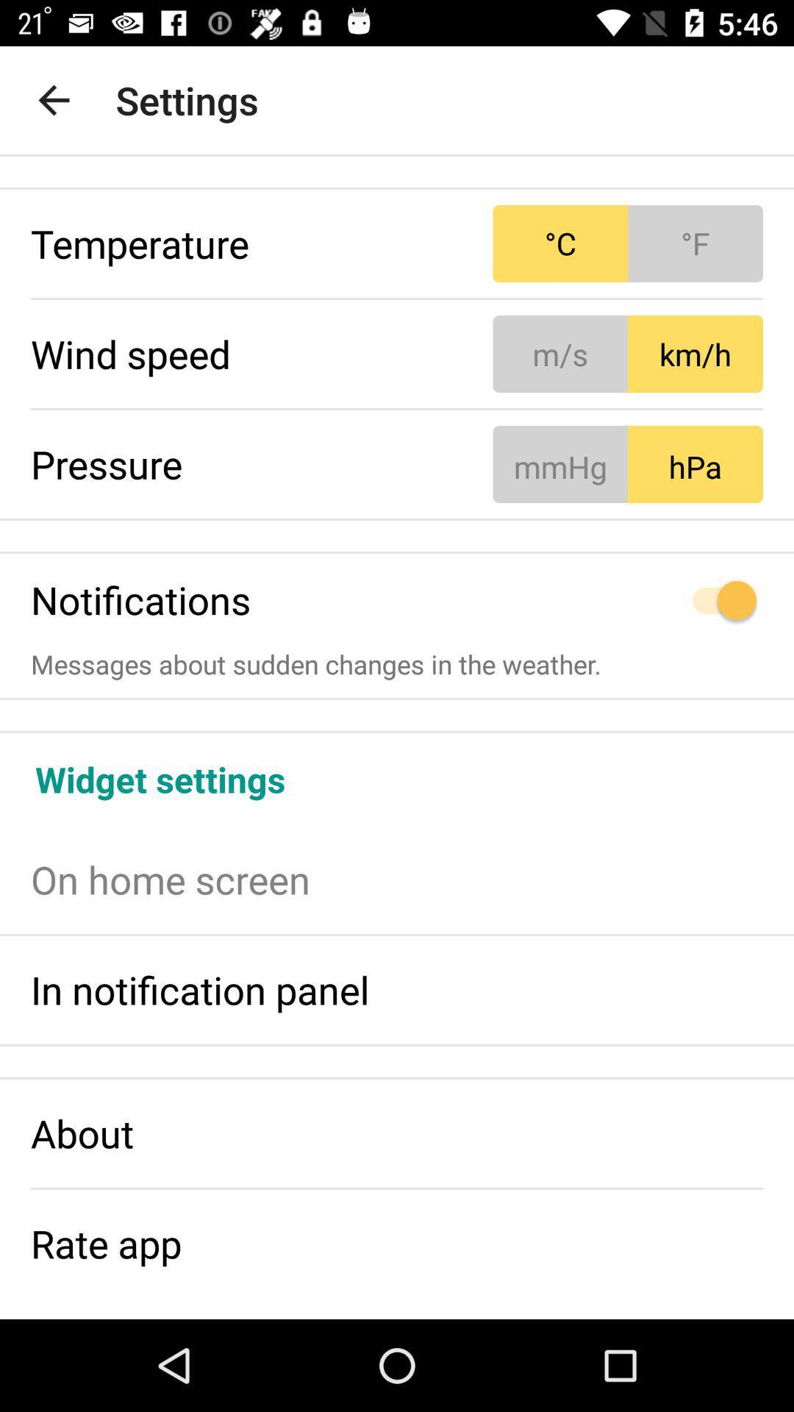 This screenshot has width=794, height=1412. What do you see at coordinates (628, 600) in the screenshot?
I see `the icon to the right of notifications item` at bounding box center [628, 600].